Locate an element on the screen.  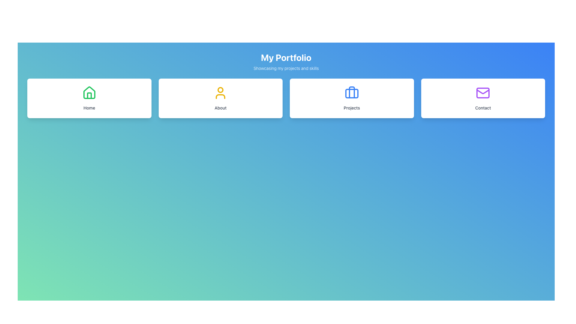
the text label that indicates the function of the navigation link leading to the contact-related section, which is positioned at the bottom-center of the third card in a grid layout is located at coordinates (483, 107).